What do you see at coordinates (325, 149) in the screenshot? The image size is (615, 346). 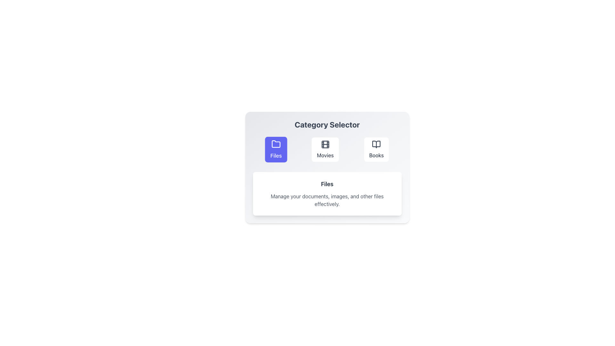 I see `the 'Movies' button` at bounding box center [325, 149].